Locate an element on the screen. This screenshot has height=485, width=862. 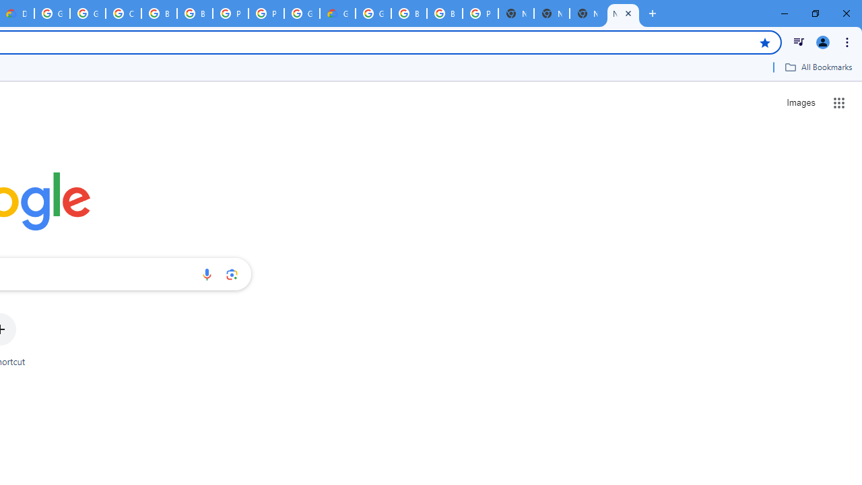
'Browse Chrome as a guest - Computer - Google Chrome Help' is located at coordinates (159, 13).